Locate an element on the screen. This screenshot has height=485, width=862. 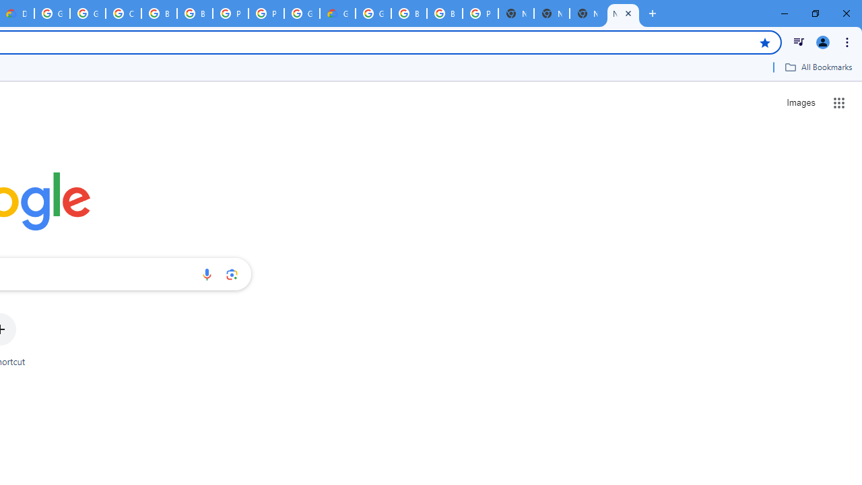
'Browse Chrome as a guest - Computer - Google Chrome Help' is located at coordinates (159, 13).